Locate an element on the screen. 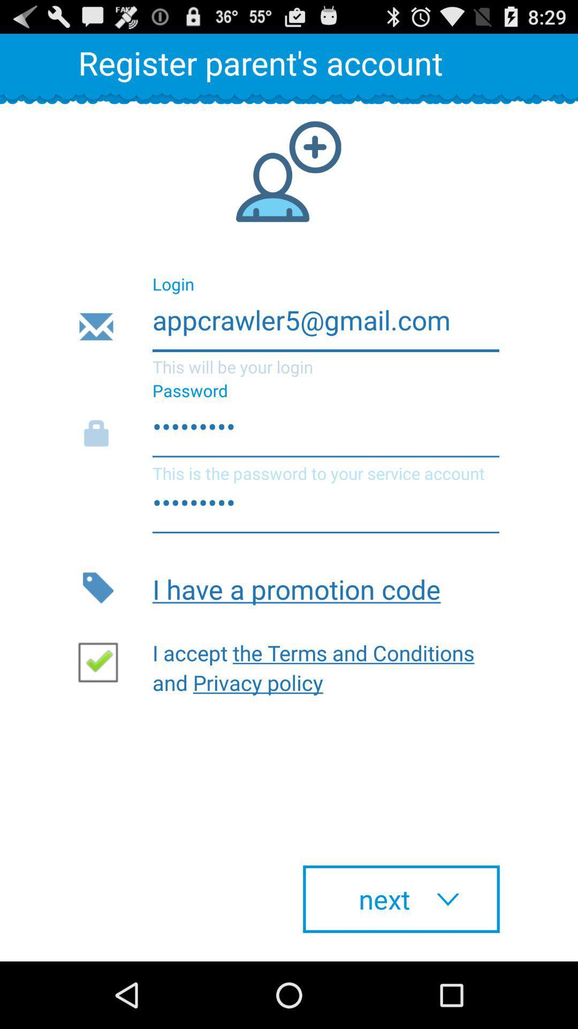 Image resolution: width=578 pixels, height=1029 pixels. the next icon is located at coordinates (401, 899).